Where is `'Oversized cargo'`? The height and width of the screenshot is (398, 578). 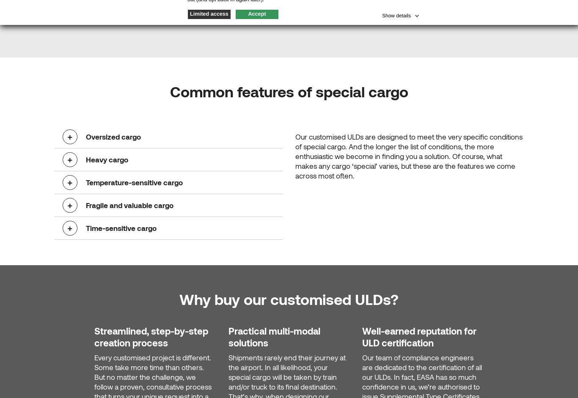 'Oversized cargo' is located at coordinates (85, 136).